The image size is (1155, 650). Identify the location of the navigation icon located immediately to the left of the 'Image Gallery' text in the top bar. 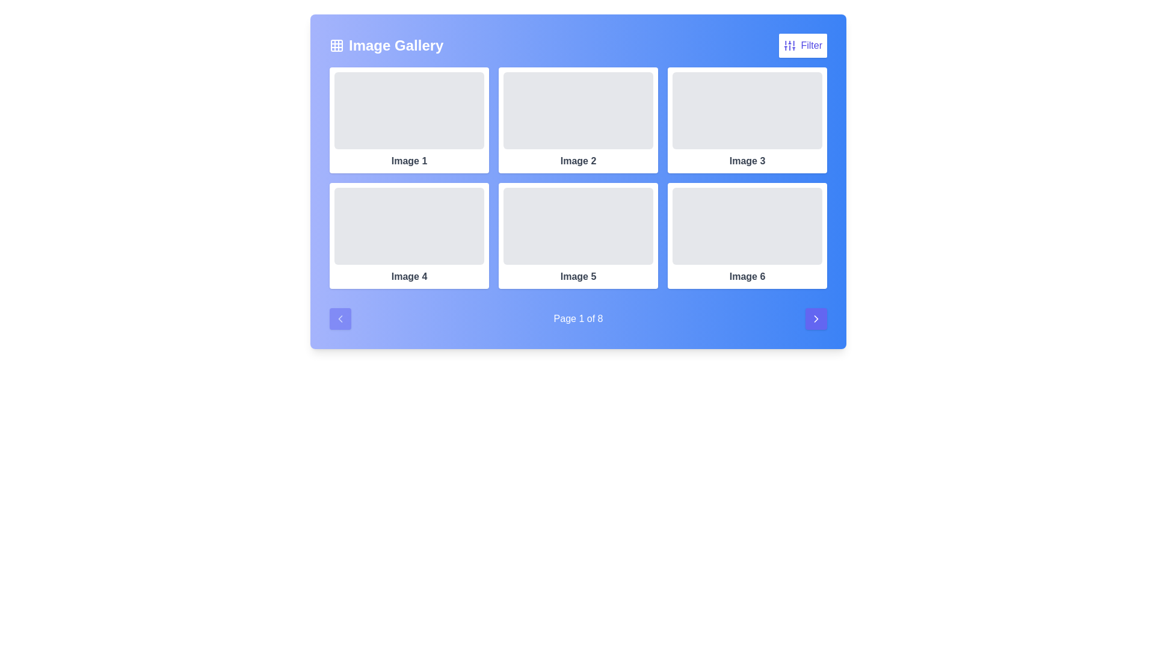
(337, 45).